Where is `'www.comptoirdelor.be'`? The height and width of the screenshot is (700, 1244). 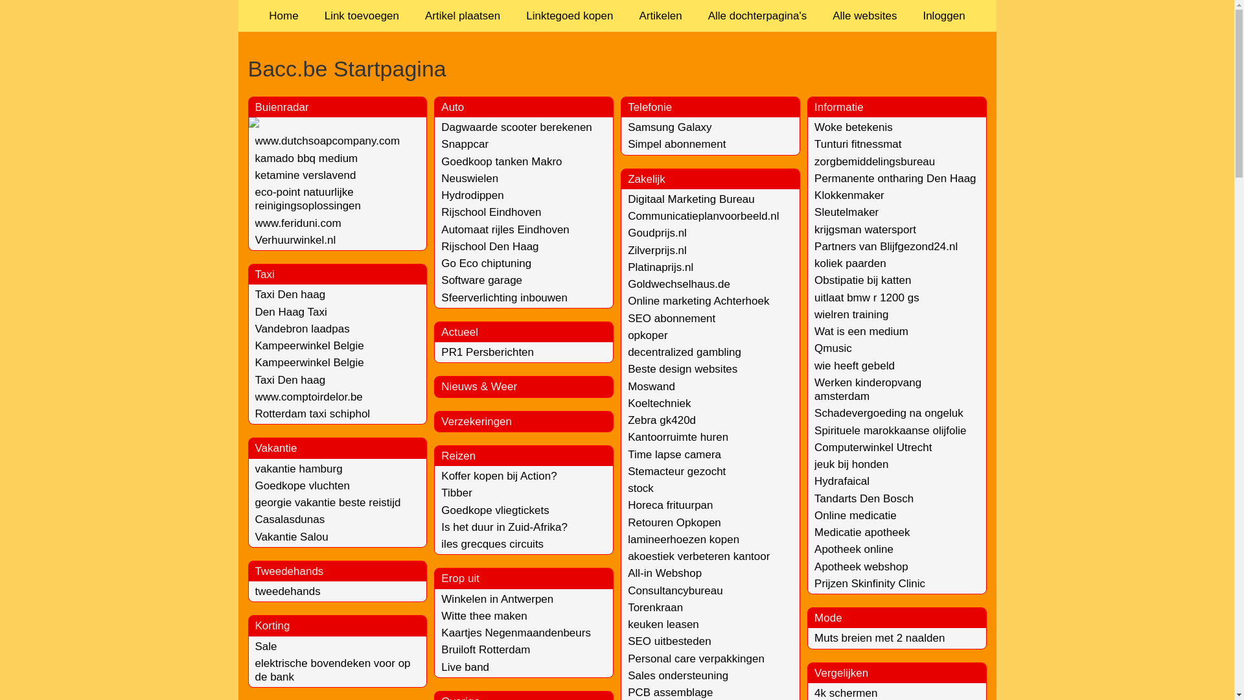
'www.comptoirdelor.be' is located at coordinates (308, 396).